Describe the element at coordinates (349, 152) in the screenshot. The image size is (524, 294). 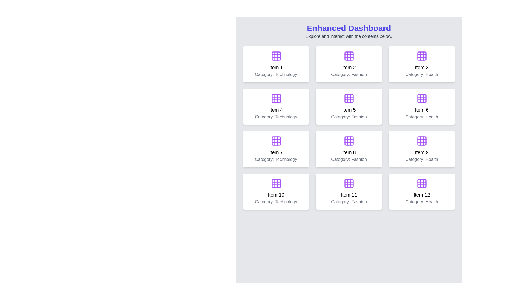
I see `the text label saying 'Item 8' located in the Fashion card, positioned between the icon above and the category label below` at that location.